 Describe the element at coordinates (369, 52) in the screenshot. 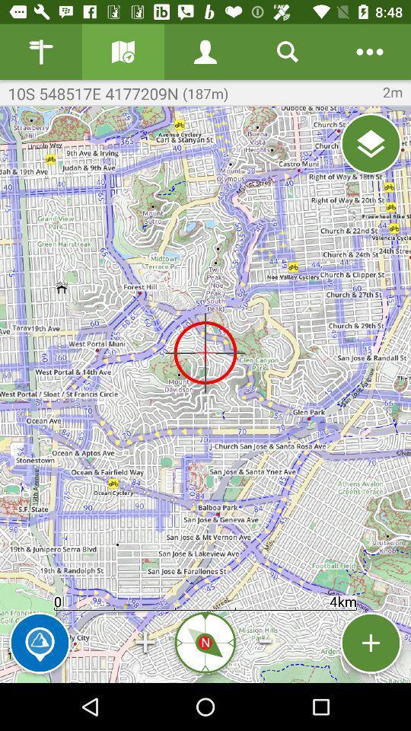

I see `show more actions` at that location.